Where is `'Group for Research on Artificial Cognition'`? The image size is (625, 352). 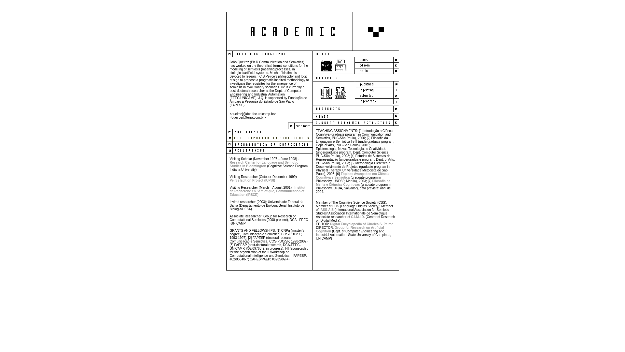
'Group for Research on Artificial Cognition' is located at coordinates (349, 229).